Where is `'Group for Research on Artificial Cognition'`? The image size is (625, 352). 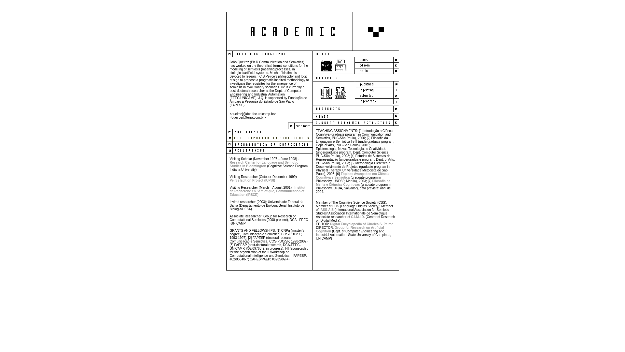
'Group for Research on Artificial Cognition' is located at coordinates (349, 229).